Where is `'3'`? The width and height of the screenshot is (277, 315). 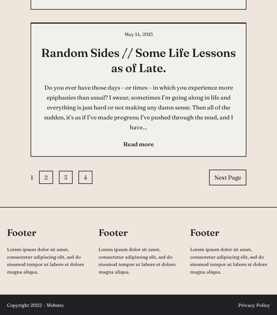 '3' is located at coordinates (66, 177).